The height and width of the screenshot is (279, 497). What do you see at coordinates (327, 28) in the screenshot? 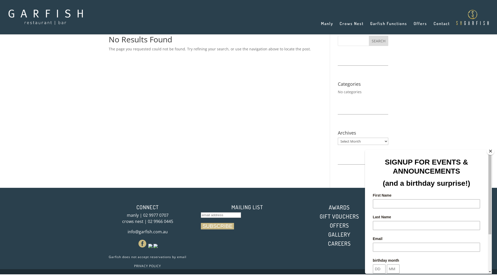
I see `'Manly'` at bounding box center [327, 28].